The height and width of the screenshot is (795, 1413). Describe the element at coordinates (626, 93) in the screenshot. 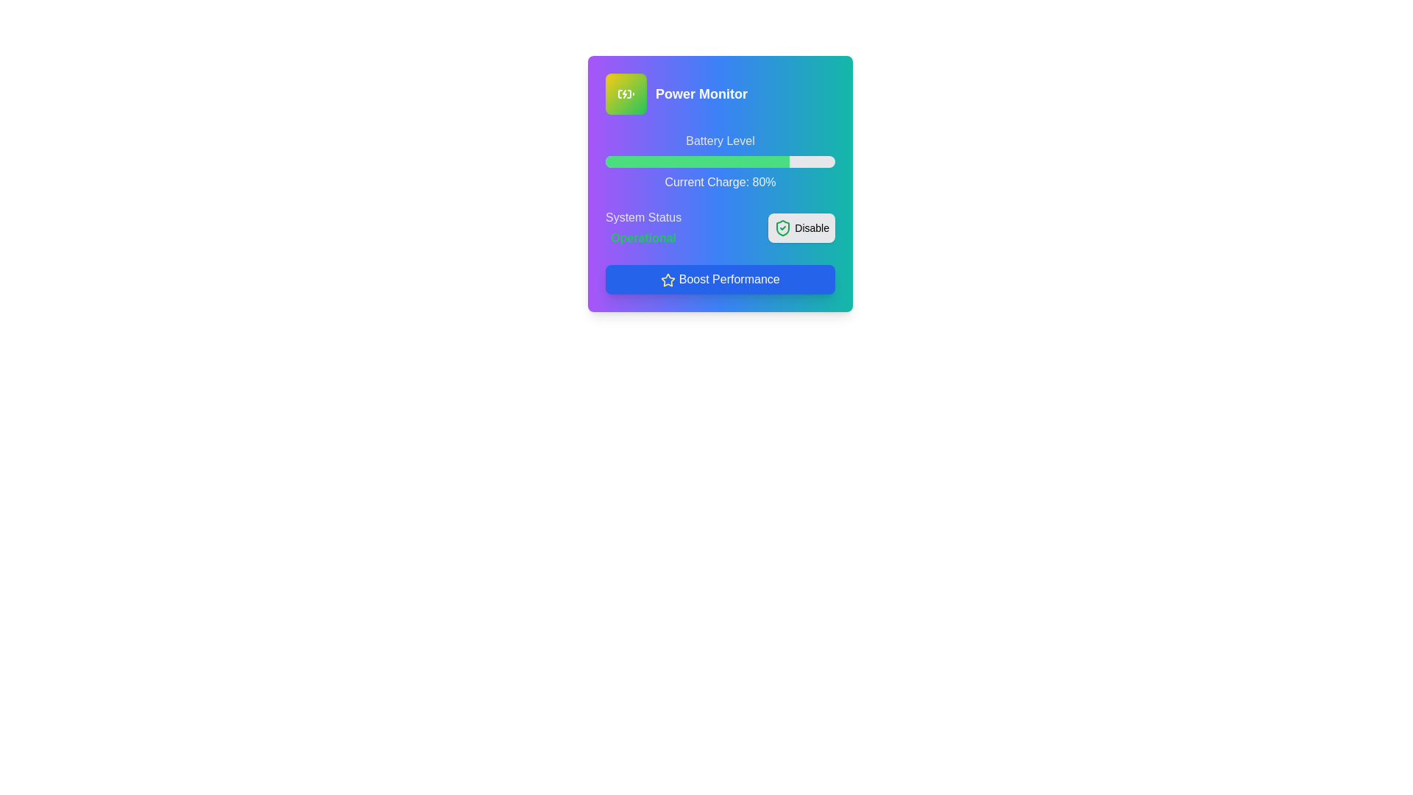

I see `the 'Power Monitor' icon box located at the top left of the 'Power Monitor' section` at that location.